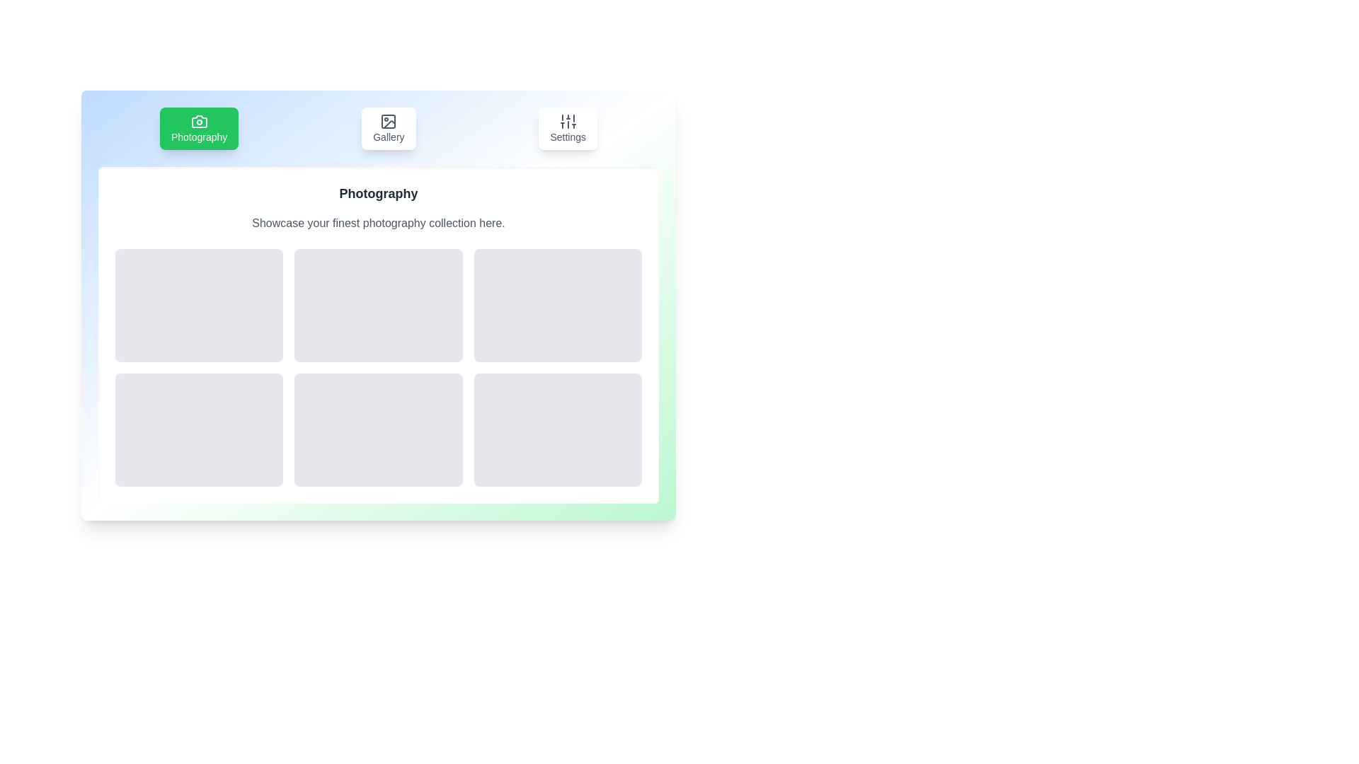  What do you see at coordinates (198, 128) in the screenshot?
I see `the tab identified by Photography` at bounding box center [198, 128].